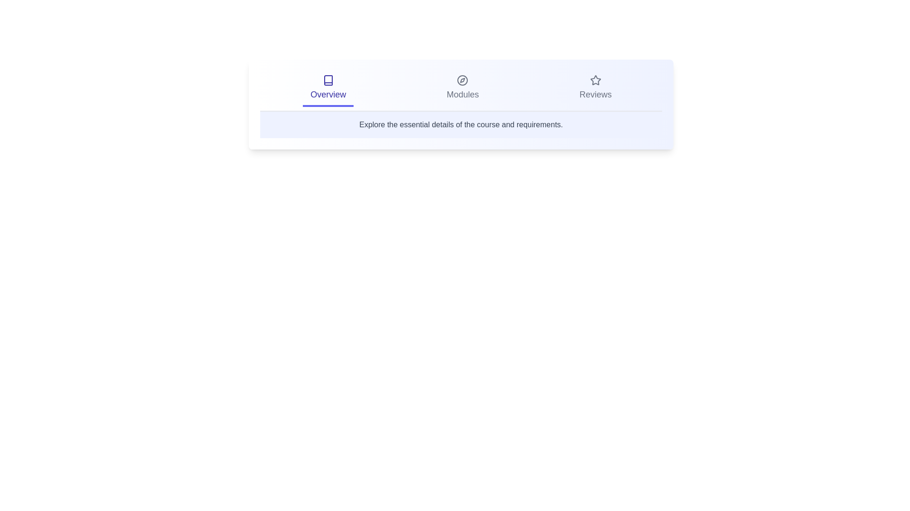  What do you see at coordinates (595, 89) in the screenshot?
I see `the tab corresponding to Reviews` at bounding box center [595, 89].